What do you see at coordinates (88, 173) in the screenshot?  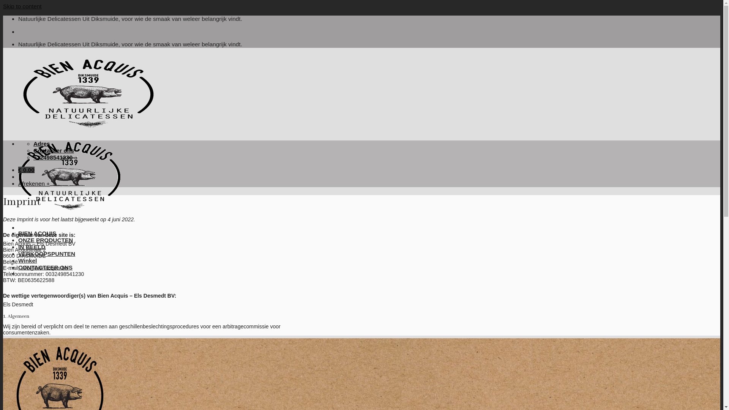 I see `'Bien Acquis - Natuurlijke delicatessen uit Diksmuide'` at bounding box center [88, 173].